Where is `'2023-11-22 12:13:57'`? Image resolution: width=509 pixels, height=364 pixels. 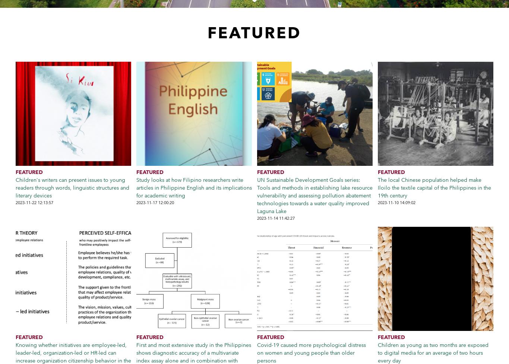 '2023-11-22 12:13:57' is located at coordinates (34, 202).